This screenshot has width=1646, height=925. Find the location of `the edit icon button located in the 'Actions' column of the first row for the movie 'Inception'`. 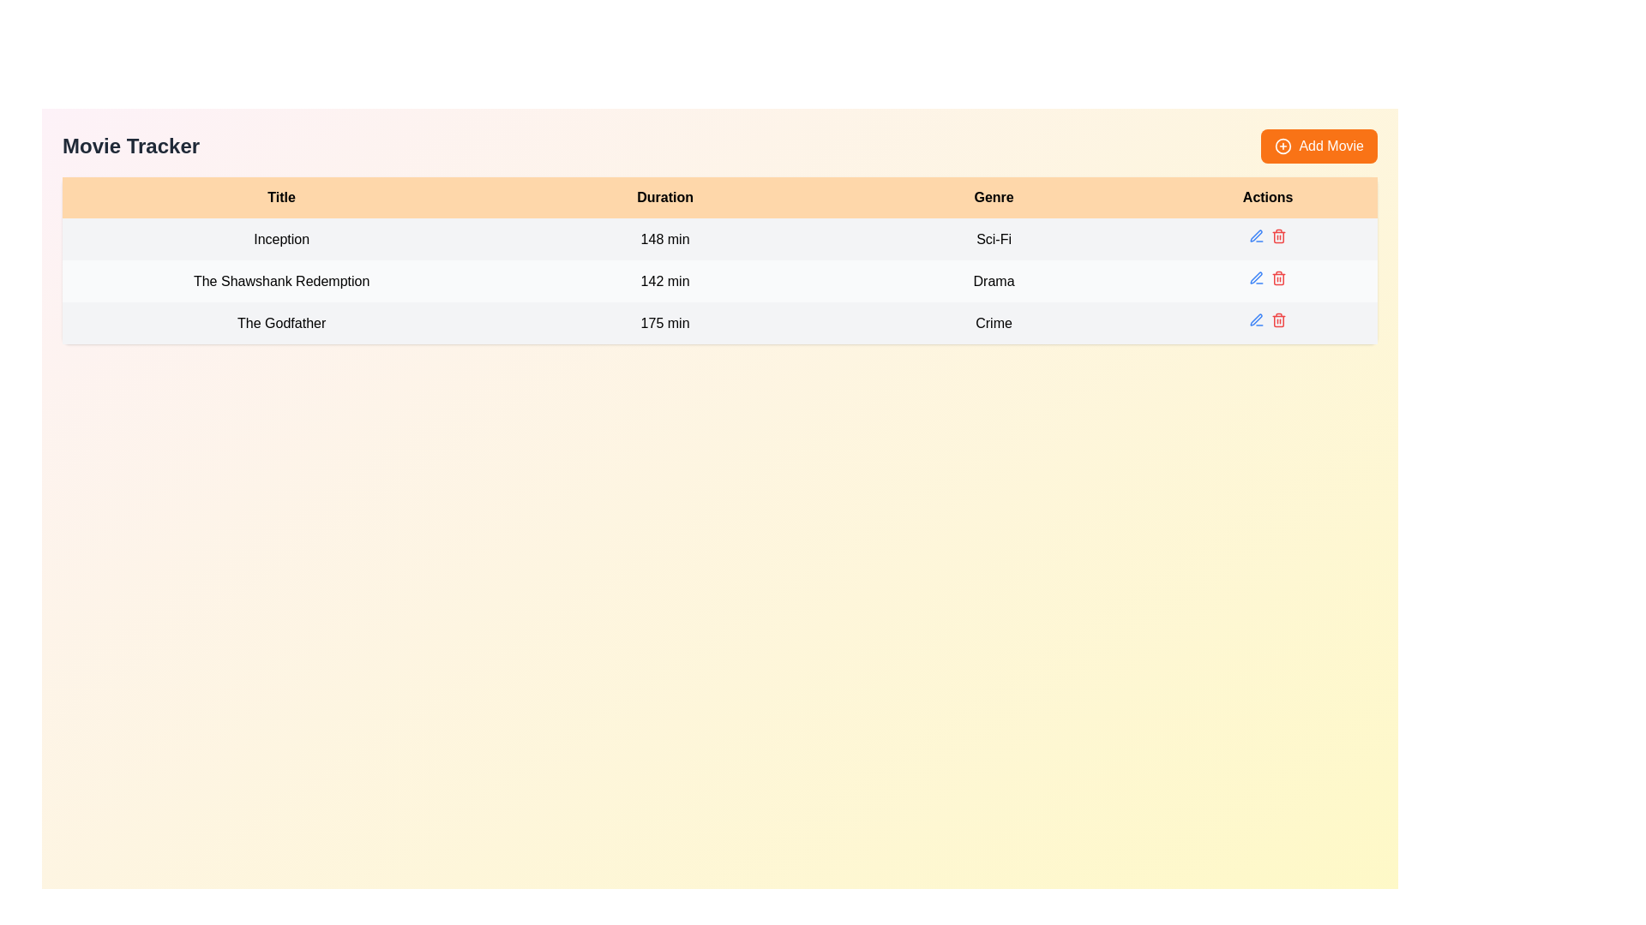

the edit icon button located in the 'Actions' column of the first row for the movie 'Inception' is located at coordinates (1257, 236).